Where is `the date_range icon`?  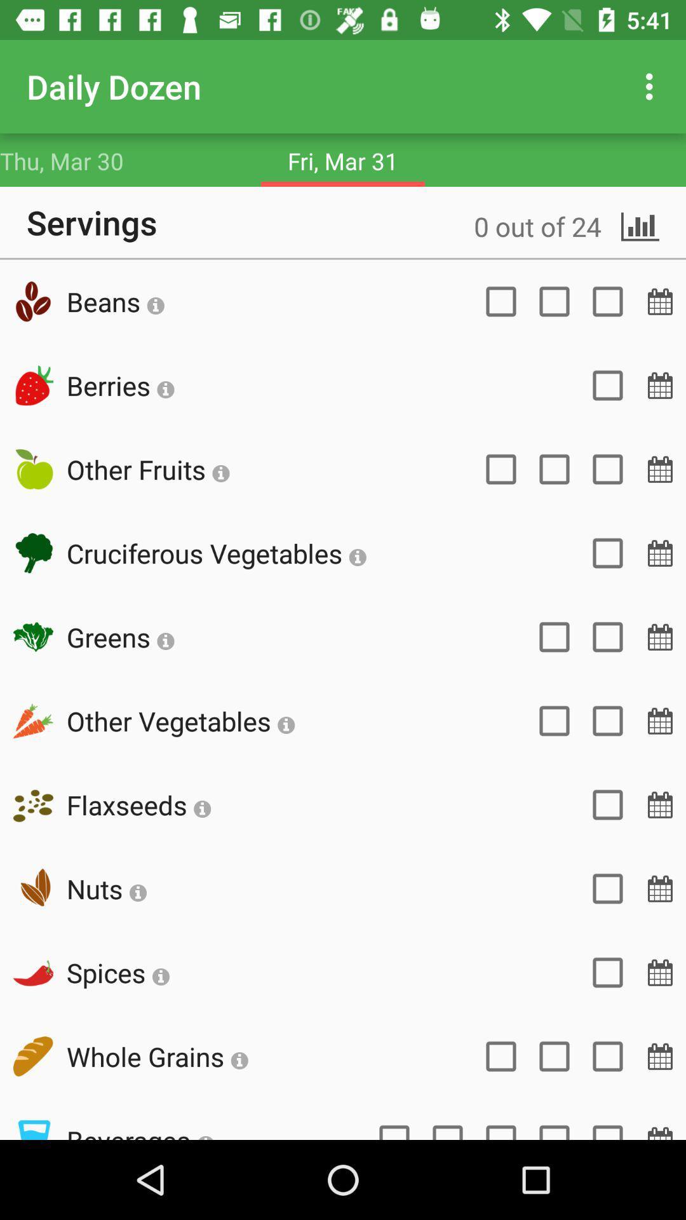
the date_range icon is located at coordinates (659, 721).